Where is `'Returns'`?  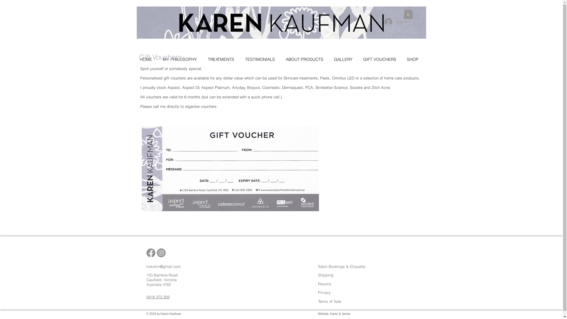 'Returns' is located at coordinates (324, 283).